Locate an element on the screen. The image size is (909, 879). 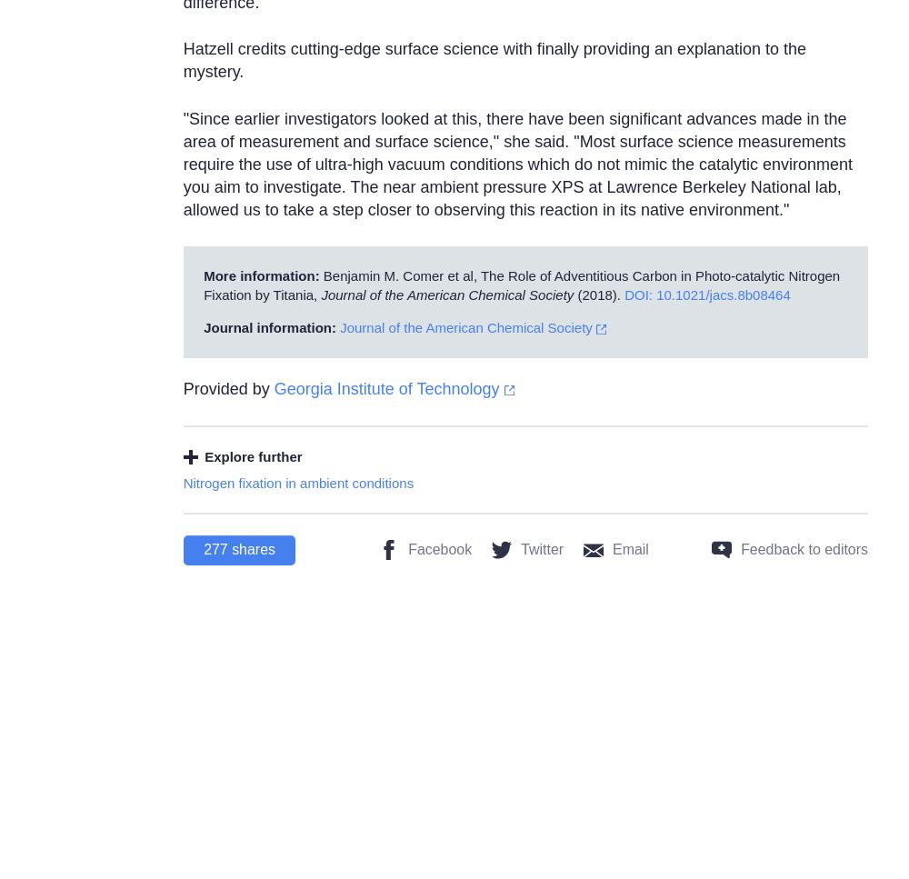
'(2018).' is located at coordinates (574, 295).